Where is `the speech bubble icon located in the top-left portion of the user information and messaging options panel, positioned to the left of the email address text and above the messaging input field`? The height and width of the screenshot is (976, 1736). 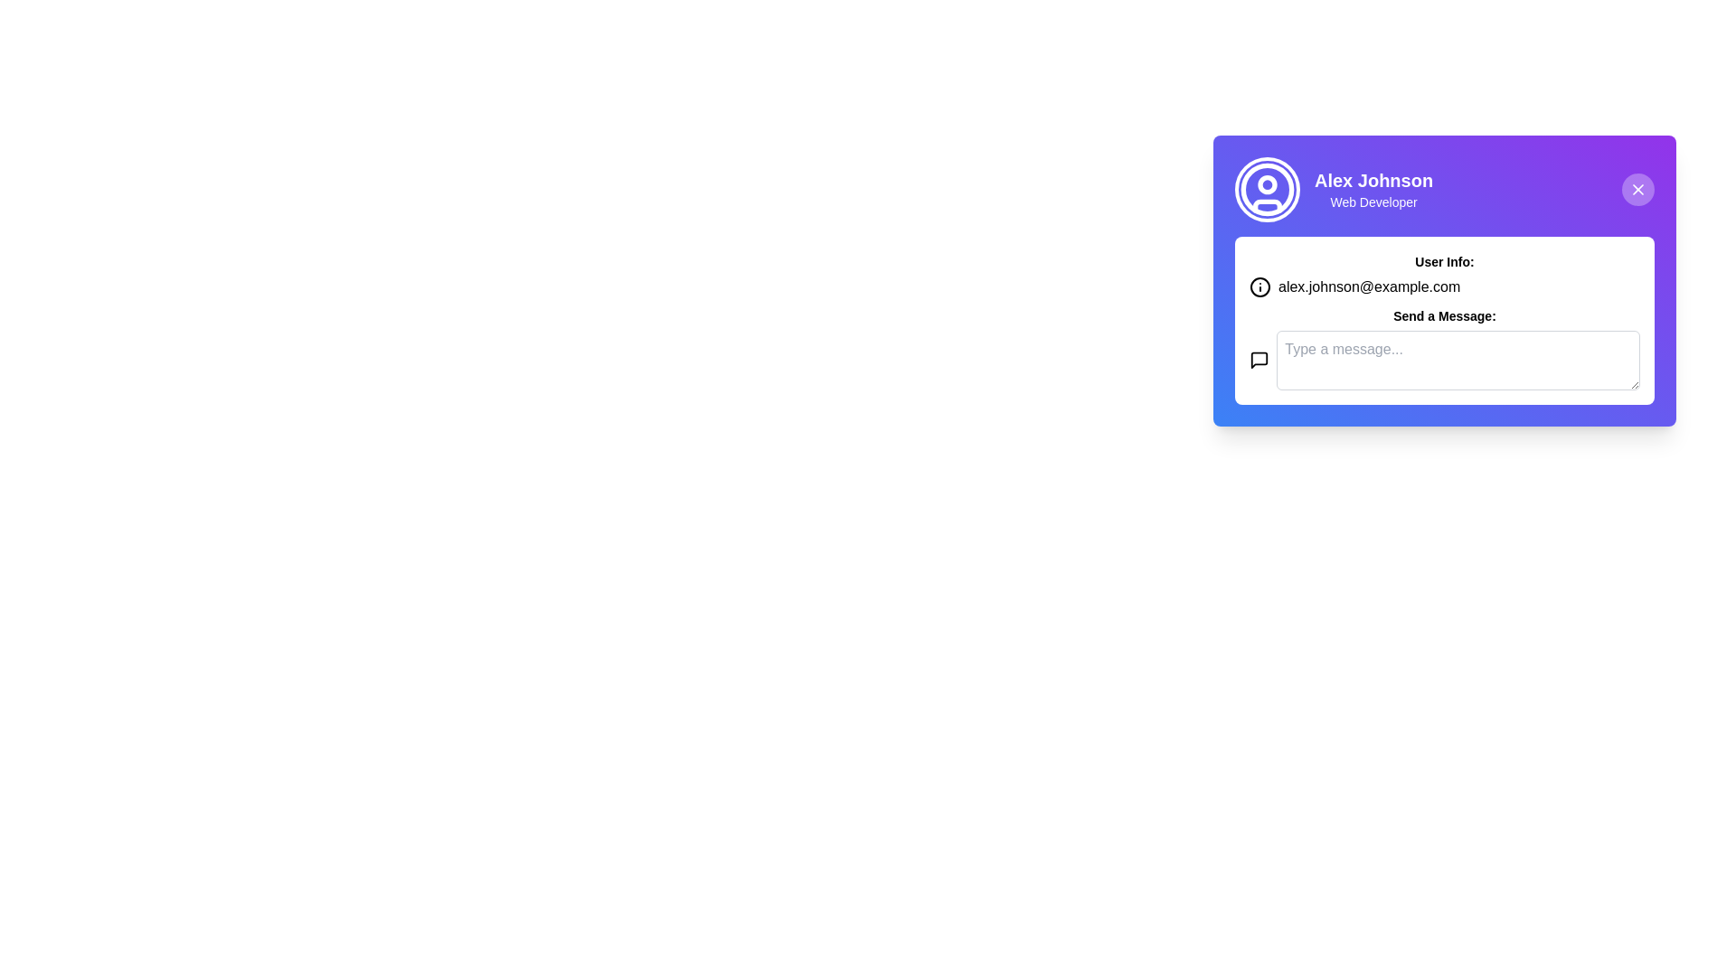 the speech bubble icon located in the top-left portion of the user information and messaging options panel, positioned to the left of the email address text and above the messaging input field is located at coordinates (1259, 360).